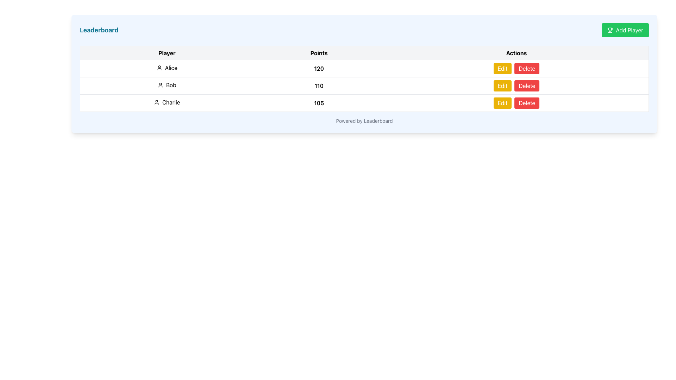  Describe the element at coordinates (159, 68) in the screenshot. I see `the icon representing the user 'Alice' in the leaderboard, located to the left of the text 'Alice'` at that location.